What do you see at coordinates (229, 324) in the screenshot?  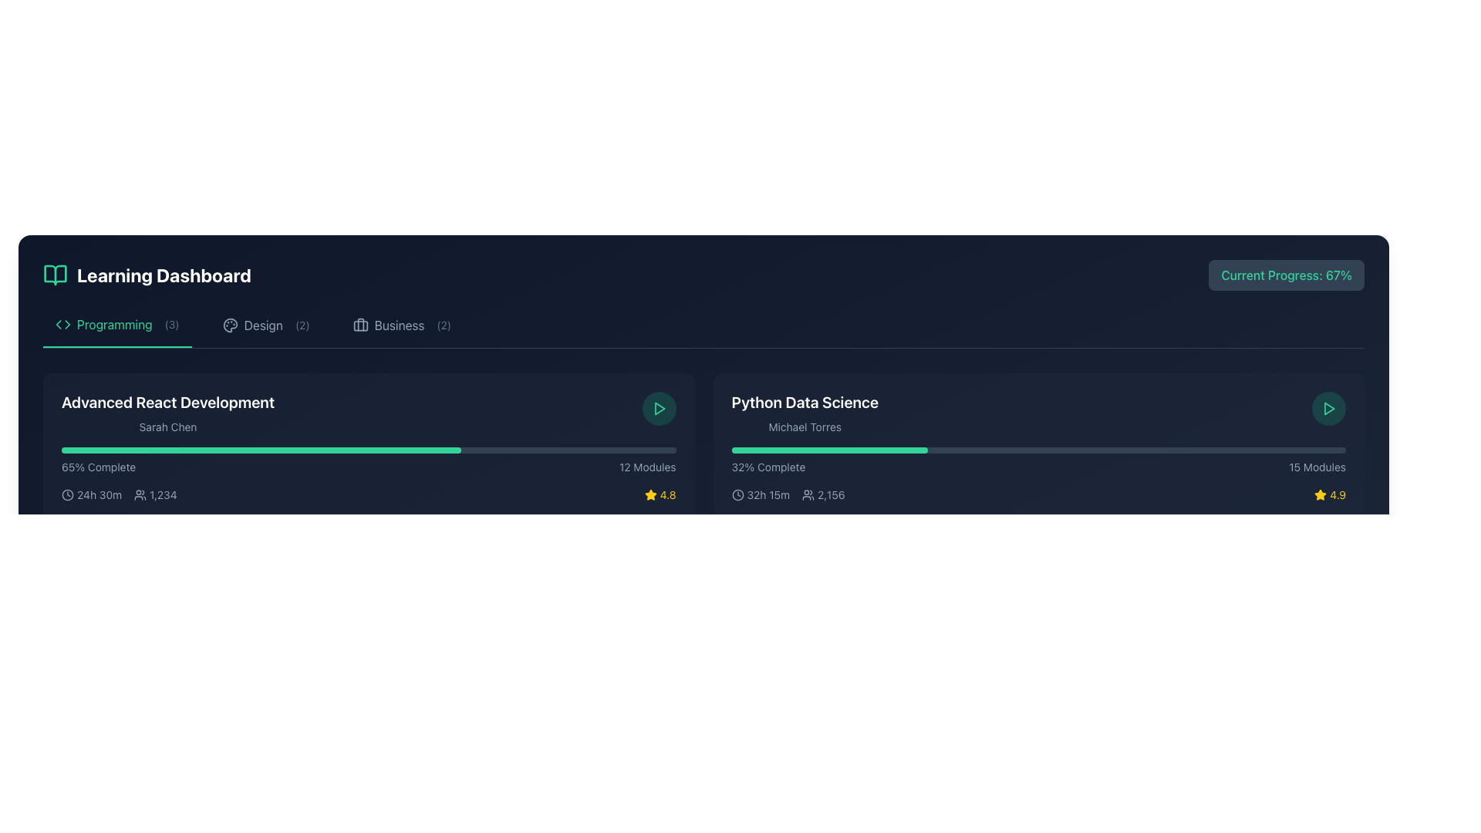 I see `the 'Design' icon located in the 'Design' tab of the Learning Dashboard, positioned between the 'Programming' and 'Business' tabs` at bounding box center [229, 324].